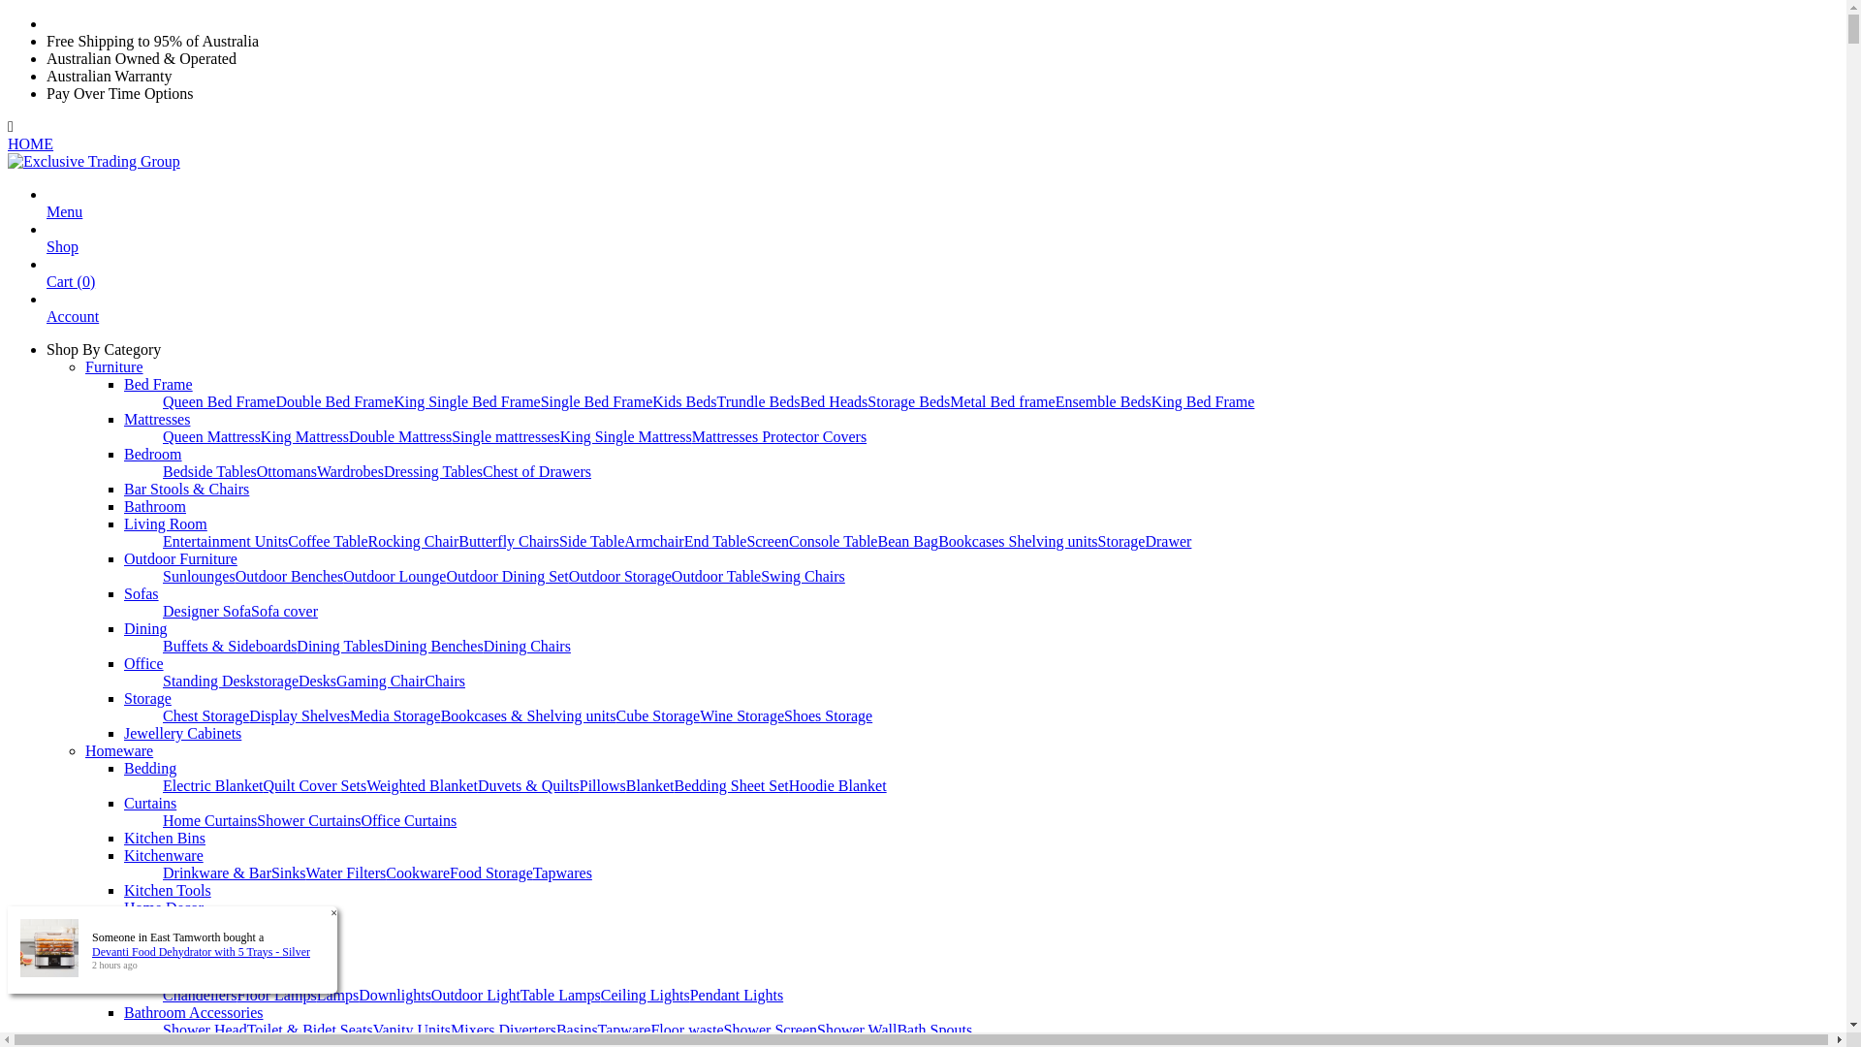 This screenshot has width=1861, height=1047. I want to click on 'Cookware', so click(417, 872).